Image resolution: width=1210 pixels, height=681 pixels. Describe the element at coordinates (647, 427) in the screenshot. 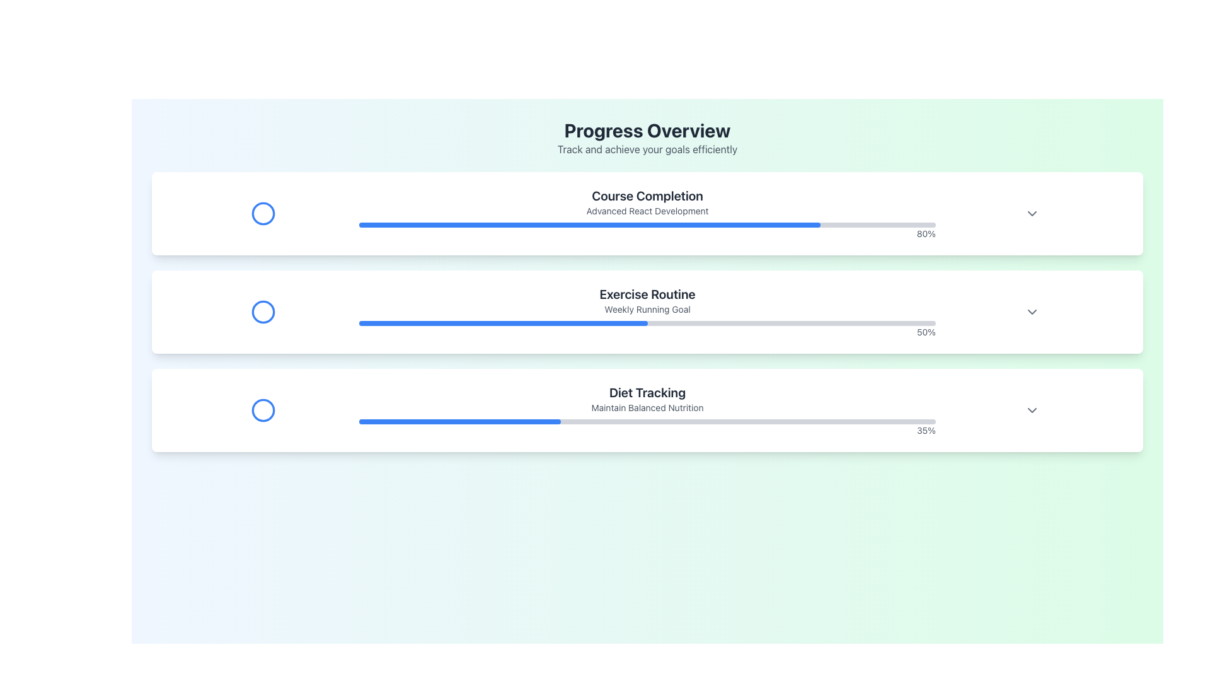

I see `completion percentage displayed on the text label indicating the progress of the 'Diet Tracking' section, positioned at the right side of the progress bar` at that location.